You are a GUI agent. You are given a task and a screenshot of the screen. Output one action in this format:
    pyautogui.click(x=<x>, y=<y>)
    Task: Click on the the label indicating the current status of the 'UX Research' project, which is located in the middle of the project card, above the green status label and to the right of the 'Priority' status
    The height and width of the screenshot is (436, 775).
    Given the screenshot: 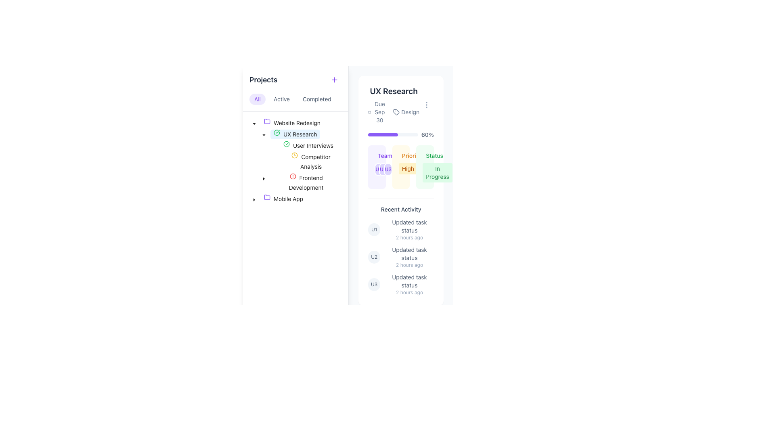 What is the action you would take?
    pyautogui.click(x=434, y=155)
    